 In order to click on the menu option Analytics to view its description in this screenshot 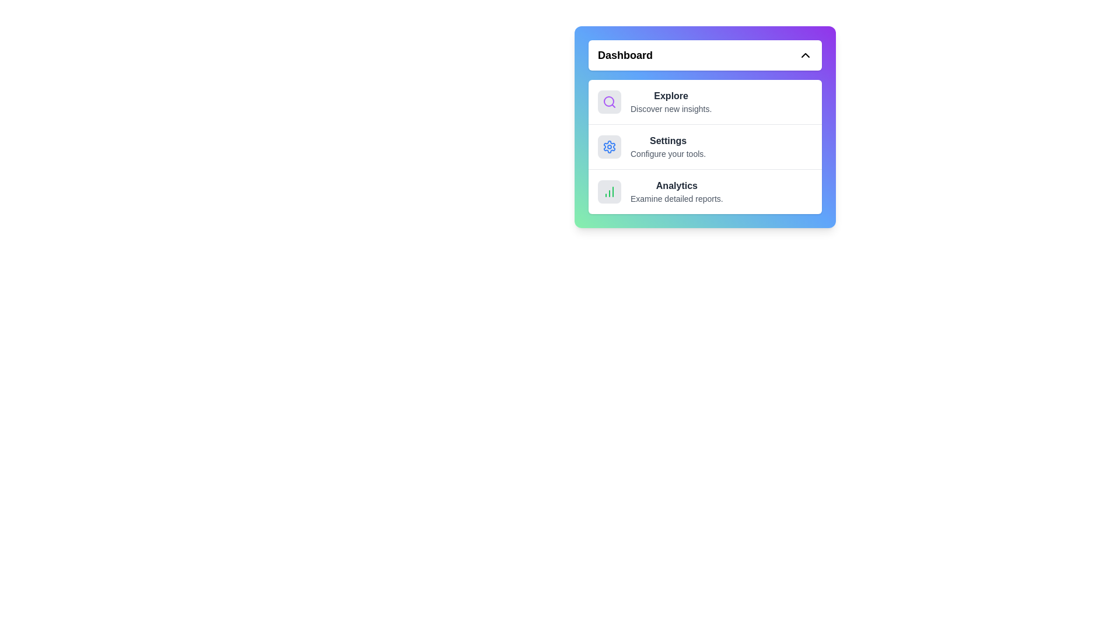, I will do `click(705, 190)`.